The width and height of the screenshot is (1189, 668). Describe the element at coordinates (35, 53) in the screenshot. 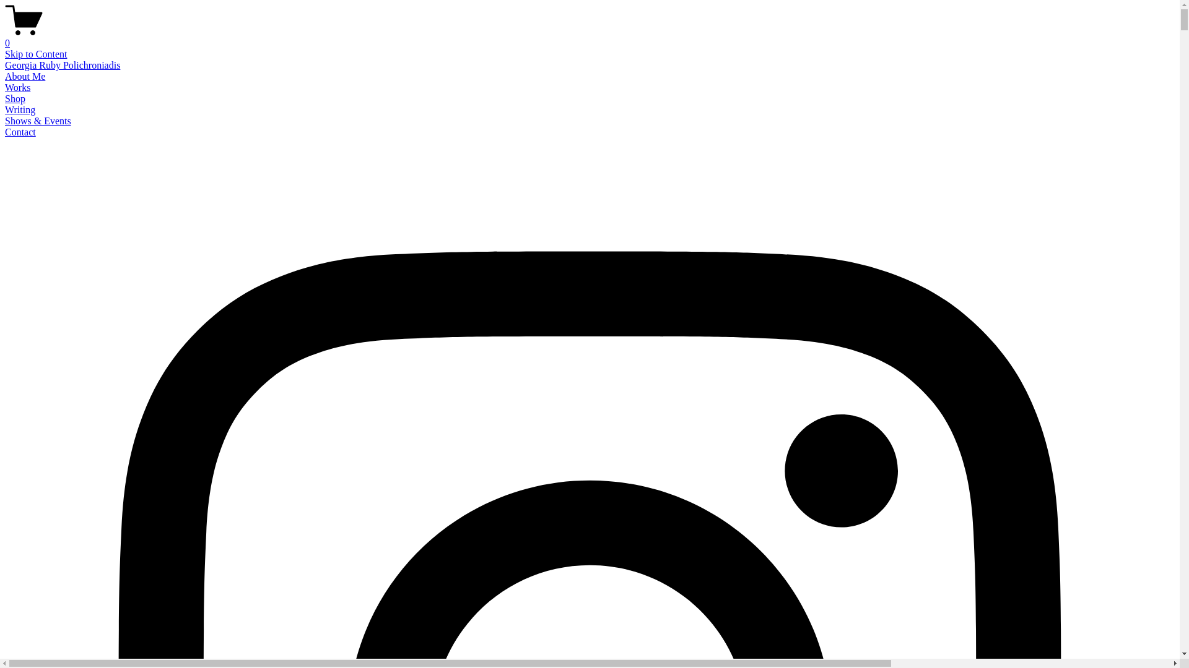

I see `'Skip to Content'` at that location.